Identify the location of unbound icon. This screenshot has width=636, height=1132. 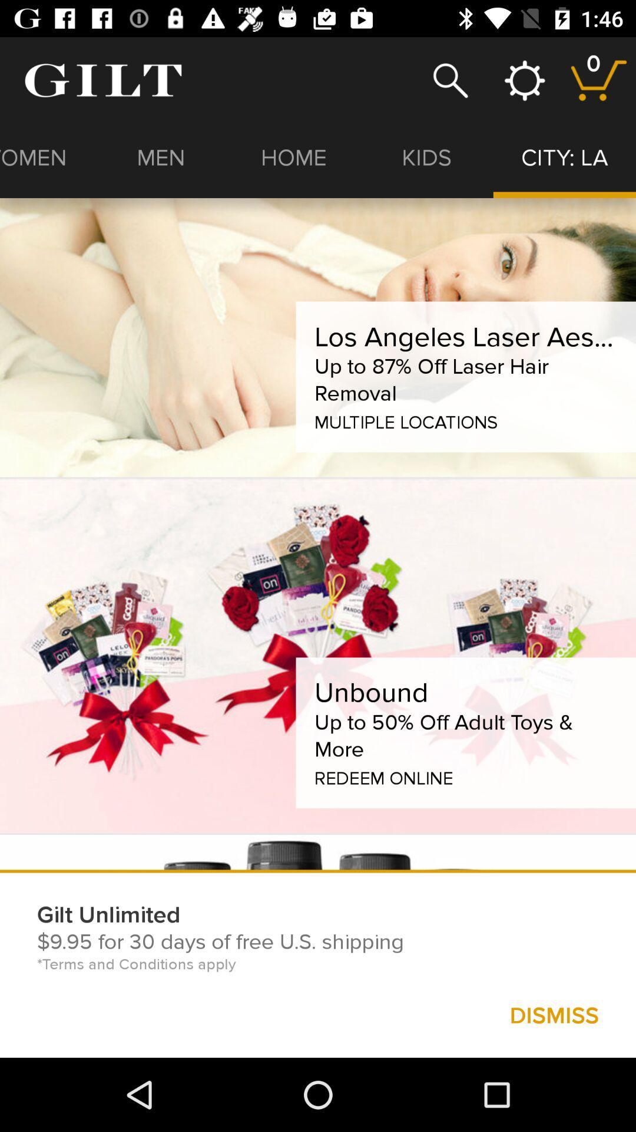
(371, 693).